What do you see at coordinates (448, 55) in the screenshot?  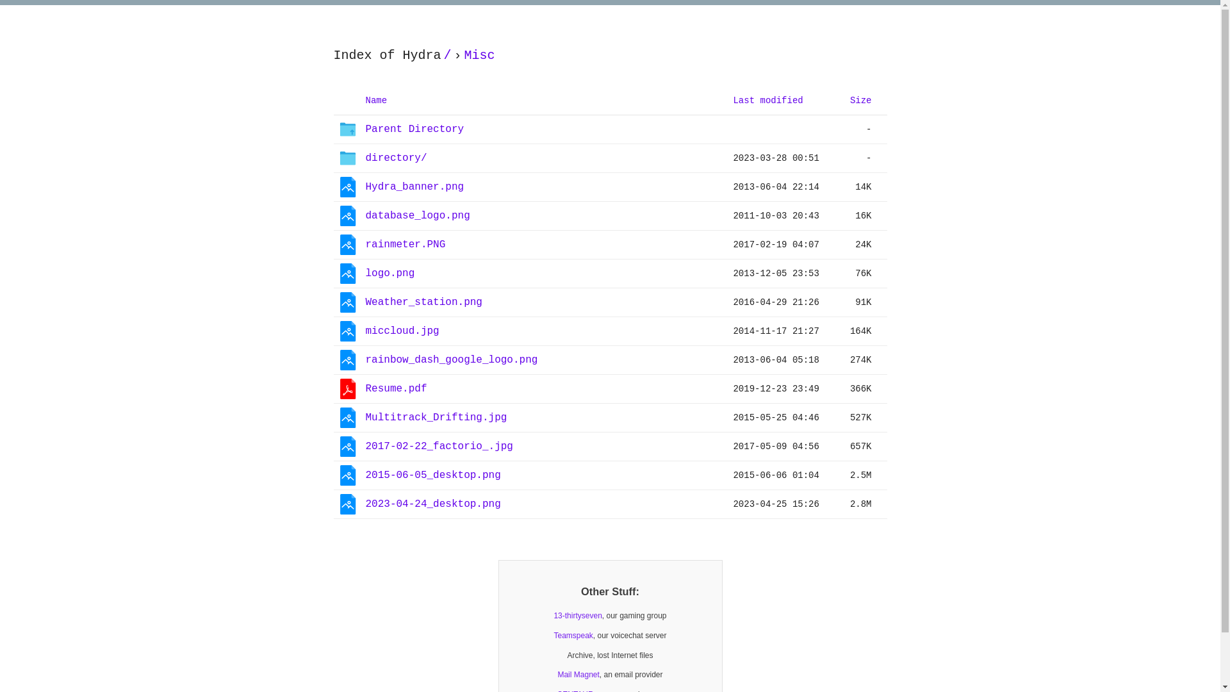 I see `'/'` at bounding box center [448, 55].